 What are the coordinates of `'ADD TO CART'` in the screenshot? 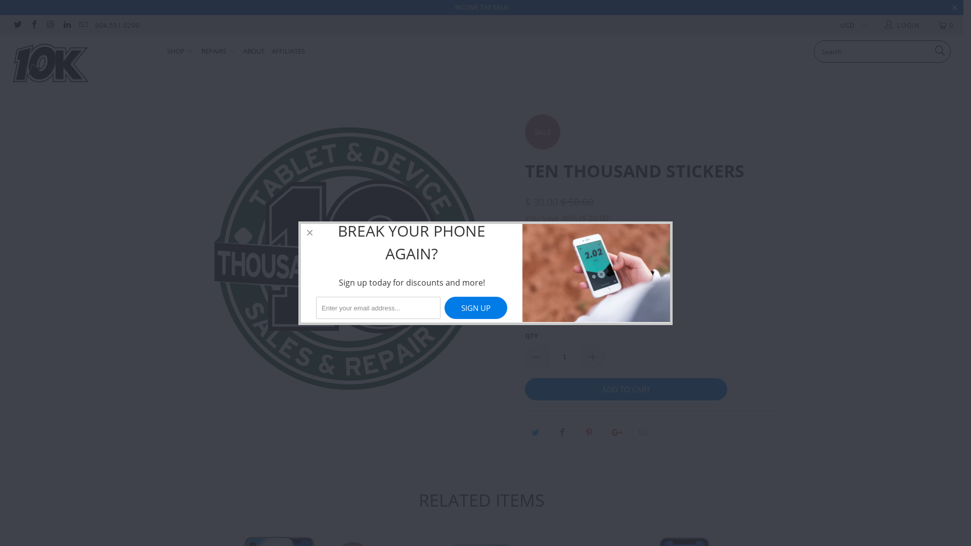 It's located at (626, 389).